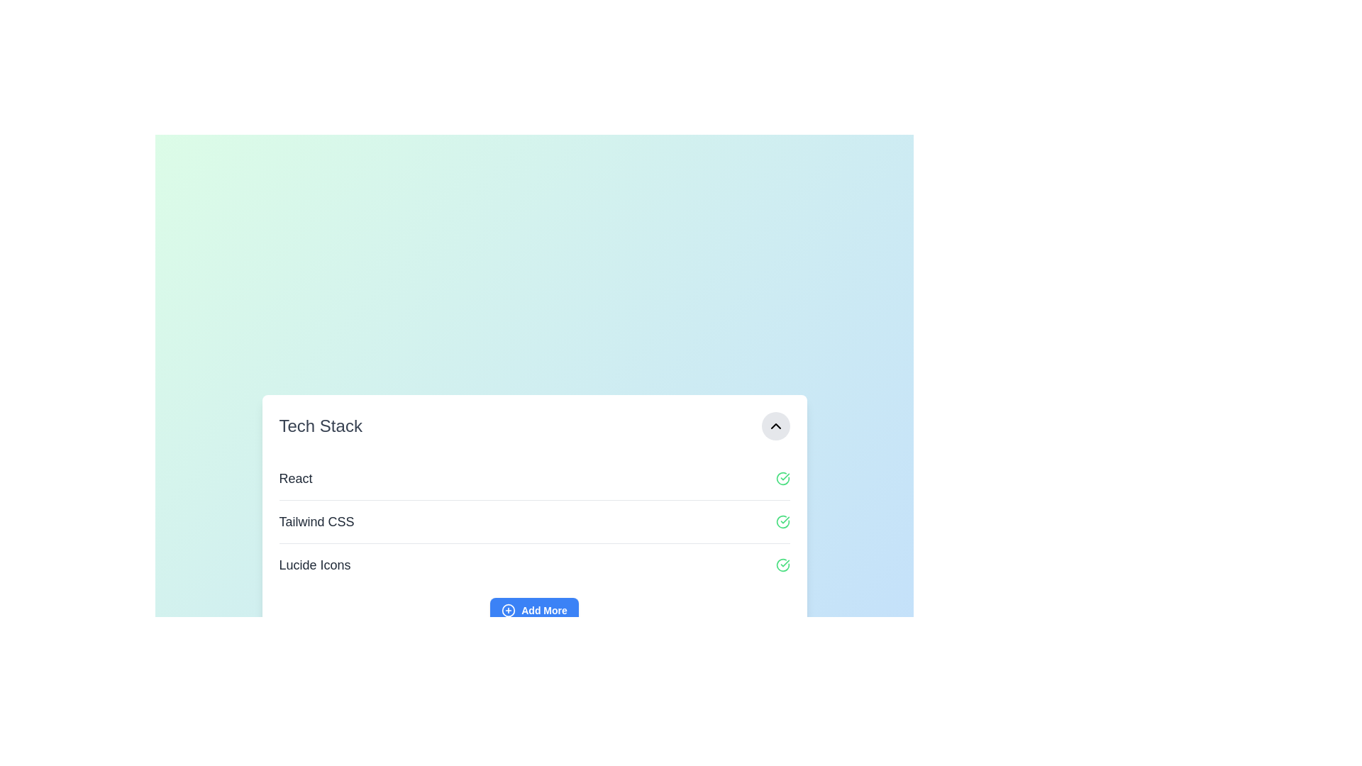  What do you see at coordinates (314, 565) in the screenshot?
I see `the Text label indicating 'Lucide Icons' in the Tech Stack list, positioned between 'Tailwind CSS' and the 'Add More' button` at bounding box center [314, 565].